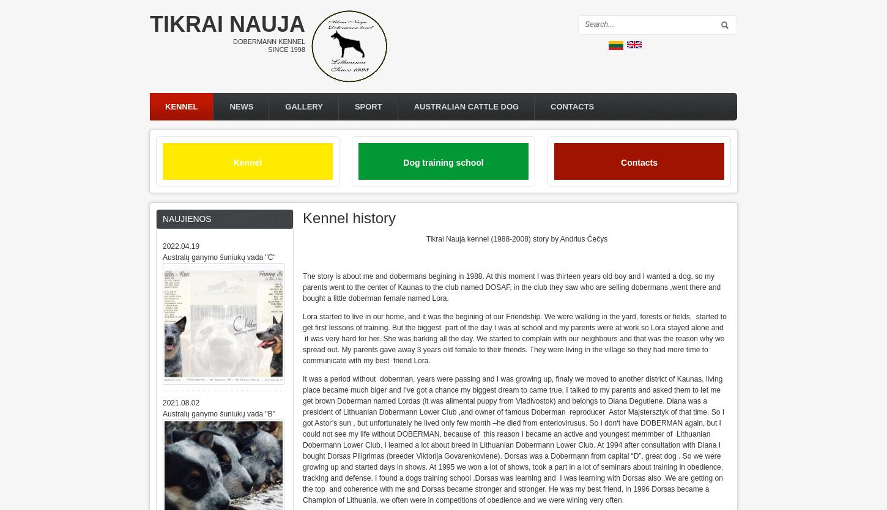 The image size is (887, 510). What do you see at coordinates (247, 161) in the screenshot?
I see `'Kennel'` at bounding box center [247, 161].